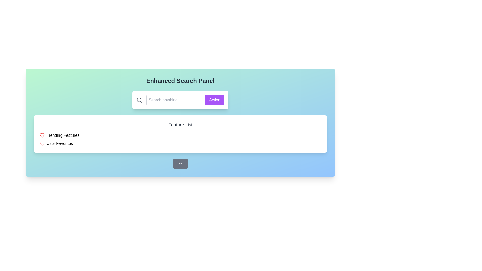 This screenshot has height=271, width=482. Describe the element at coordinates (180, 124) in the screenshot. I see `text displayed in the text-based component labeled 'Feature List', which is prominently styled in gray on a white background` at that location.